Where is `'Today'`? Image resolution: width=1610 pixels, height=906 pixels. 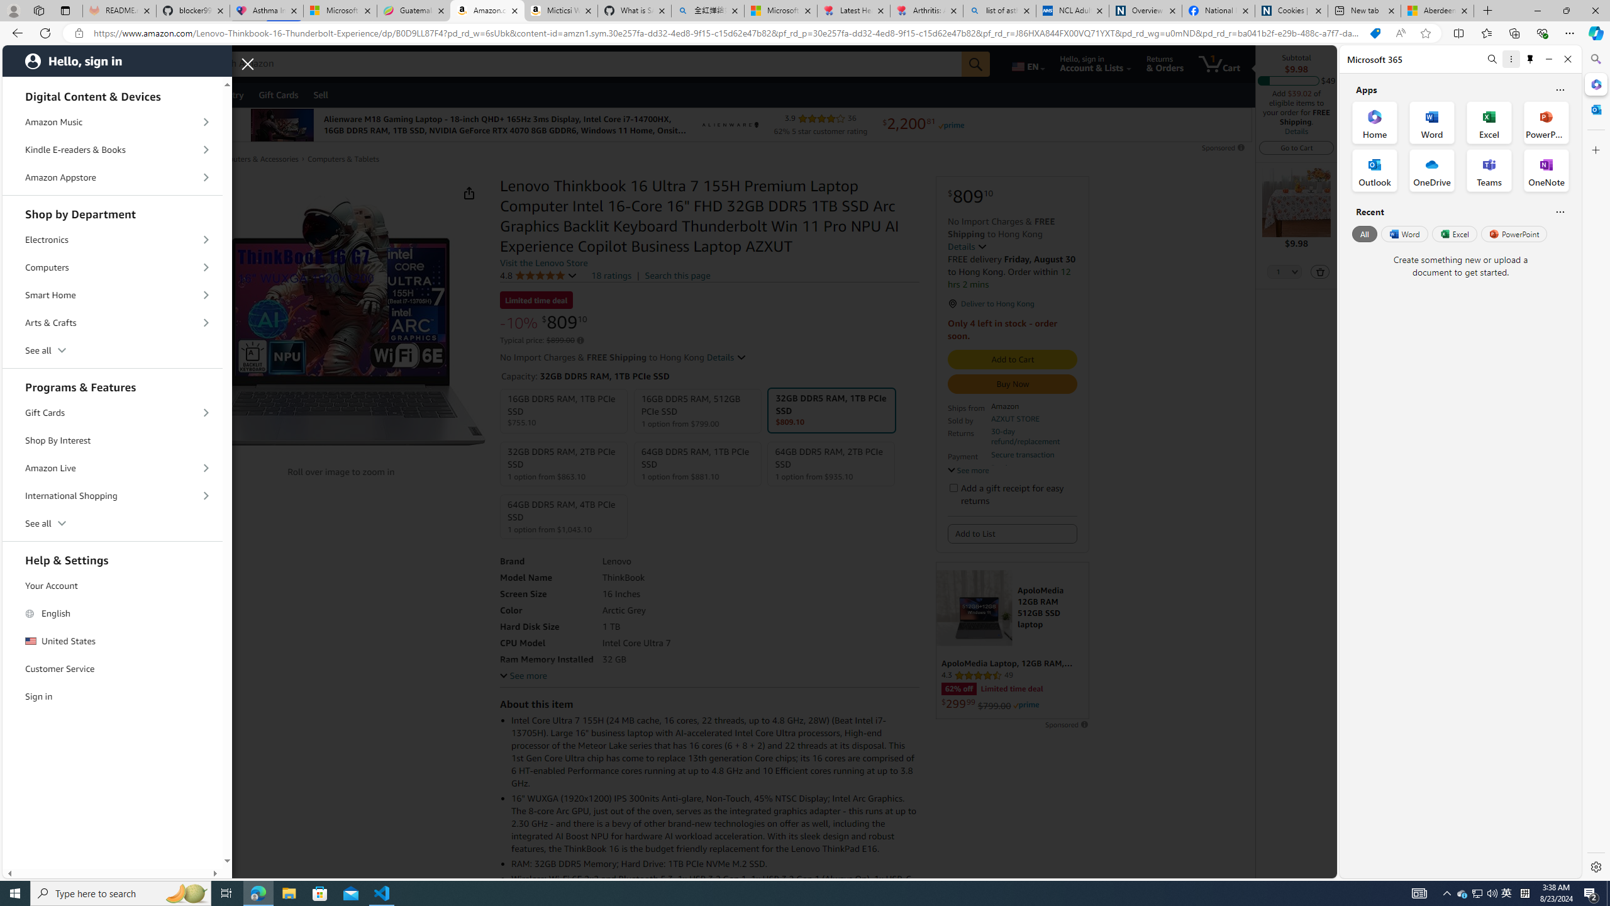
'Today' is located at coordinates (84, 94).